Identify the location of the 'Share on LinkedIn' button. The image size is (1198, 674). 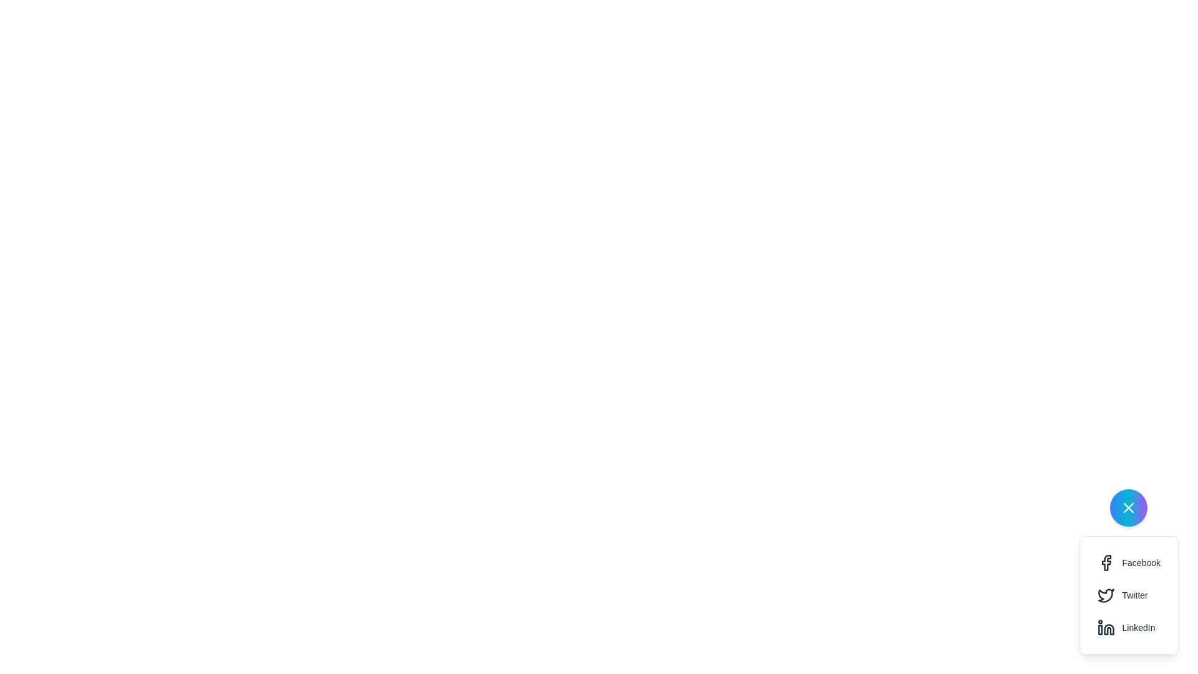
(1126, 628).